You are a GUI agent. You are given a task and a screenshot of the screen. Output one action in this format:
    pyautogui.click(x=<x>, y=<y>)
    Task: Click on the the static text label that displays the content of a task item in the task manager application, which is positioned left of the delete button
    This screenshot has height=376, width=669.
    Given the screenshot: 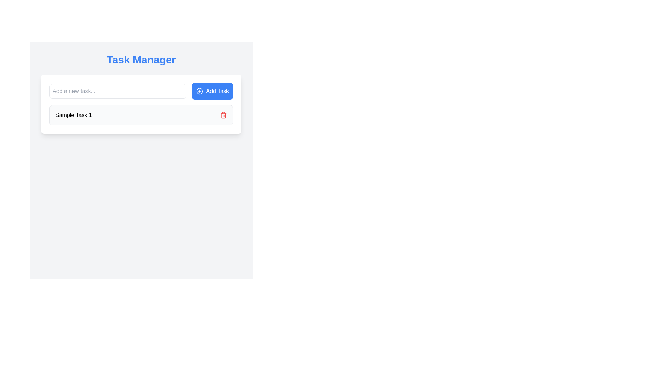 What is the action you would take?
    pyautogui.click(x=74, y=115)
    